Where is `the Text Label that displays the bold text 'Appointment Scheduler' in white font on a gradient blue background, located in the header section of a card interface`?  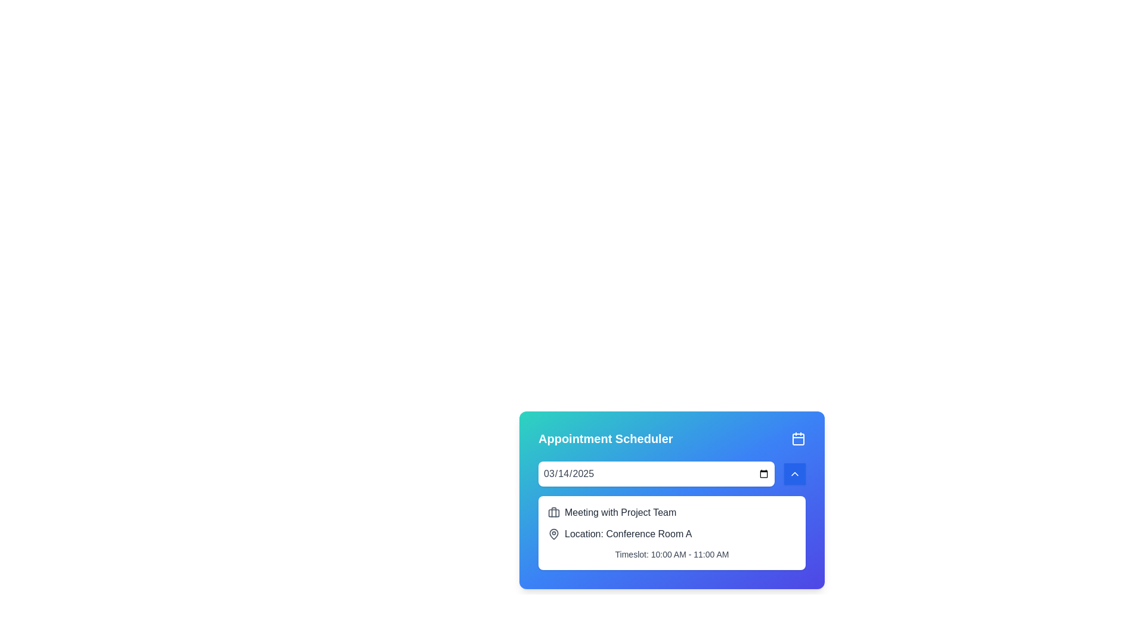
the Text Label that displays the bold text 'Appointment Scheduler' in white font on a gradient blue background, located in the header section of a card interface is located at coordinates (605, 439).